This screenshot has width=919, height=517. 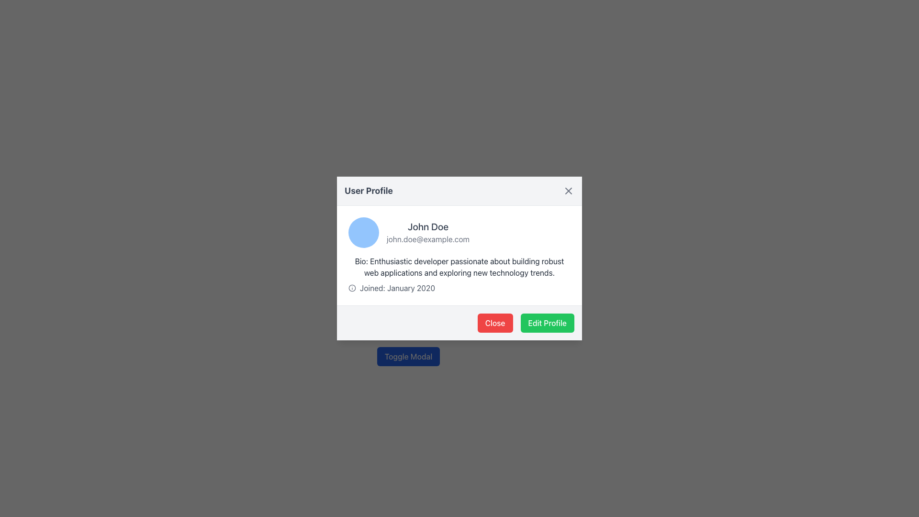 What do you see at coordinates (408, 356) in the screenshot?
I see `the 'Toggle Modal' button, which is a rectangular button with a blue background and white text` at bounding box center [408, 356].